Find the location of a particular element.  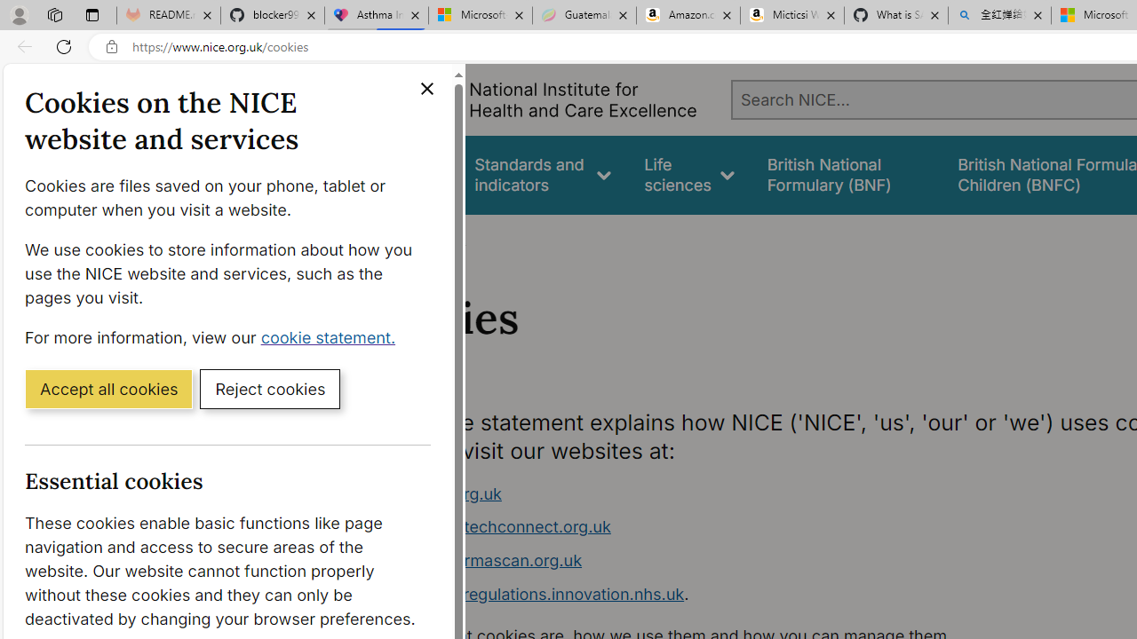

'Life sciences' is located at coordinates (688, 175).